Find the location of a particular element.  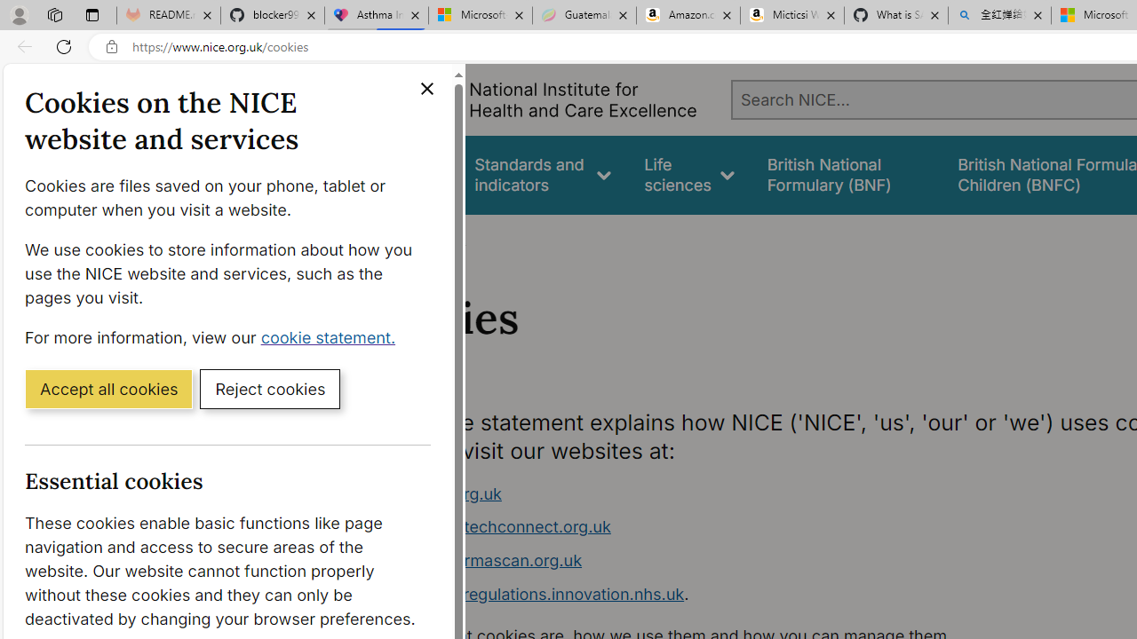

'Life sciences' is located at coordinates (688, 175).